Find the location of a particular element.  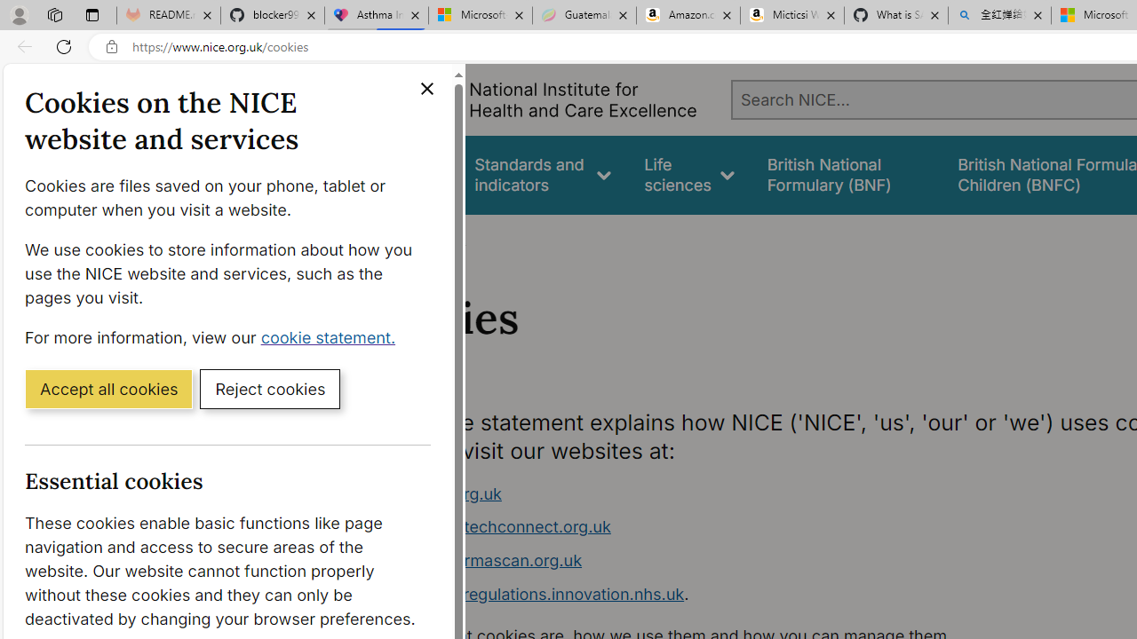

'Life sciences' is located at coordinates (688, 175).